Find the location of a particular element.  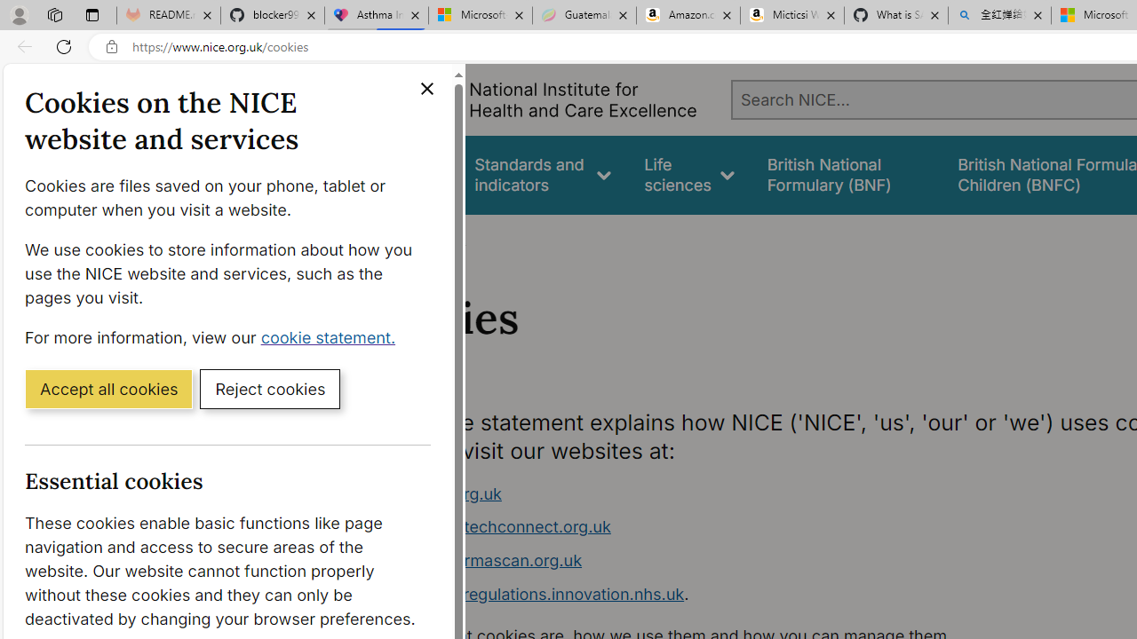

'Life sciences' is located at coordinates (688, 175).